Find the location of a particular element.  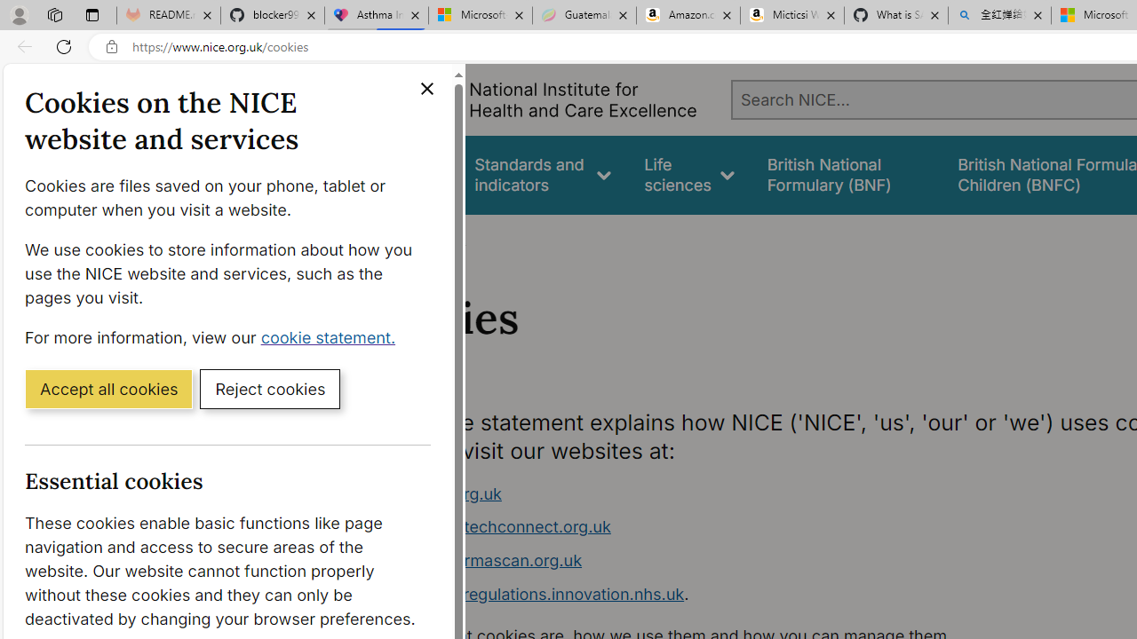

'Life sciences' is located at coordinates (688, 175).